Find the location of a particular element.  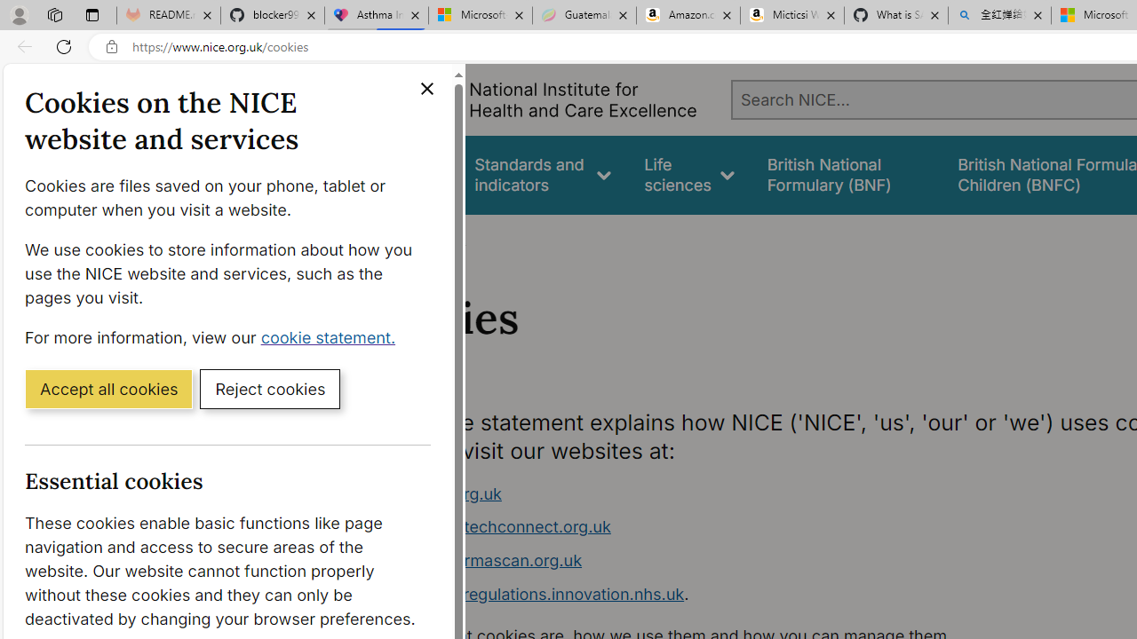

'Life sciences' is located at coordinates (688, 175).